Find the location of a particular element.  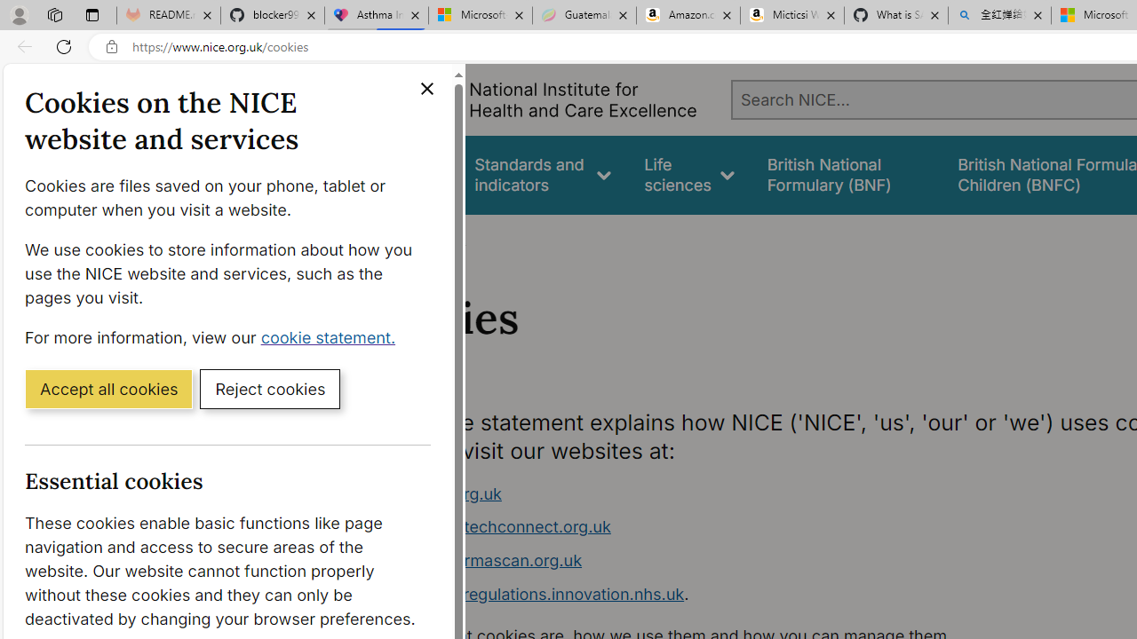

'Life sciences' is located at coordinates (688, 175).